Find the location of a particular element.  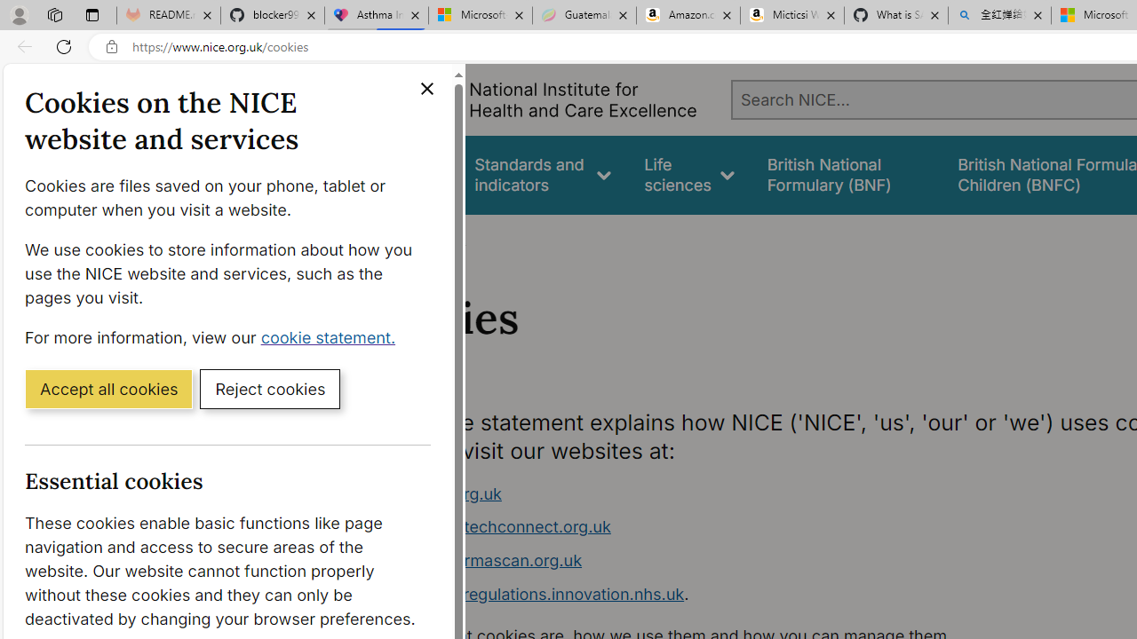

'Life sciences' is located at coordinates (688, 175).